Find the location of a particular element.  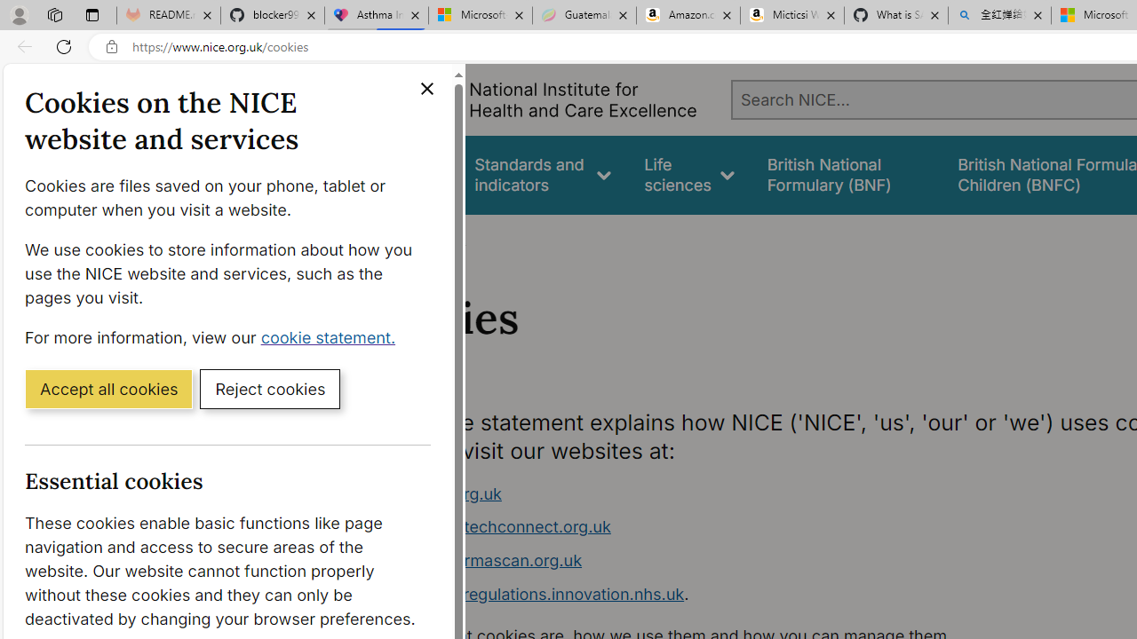

'Life sciences' is located at coordinates (688, 175).